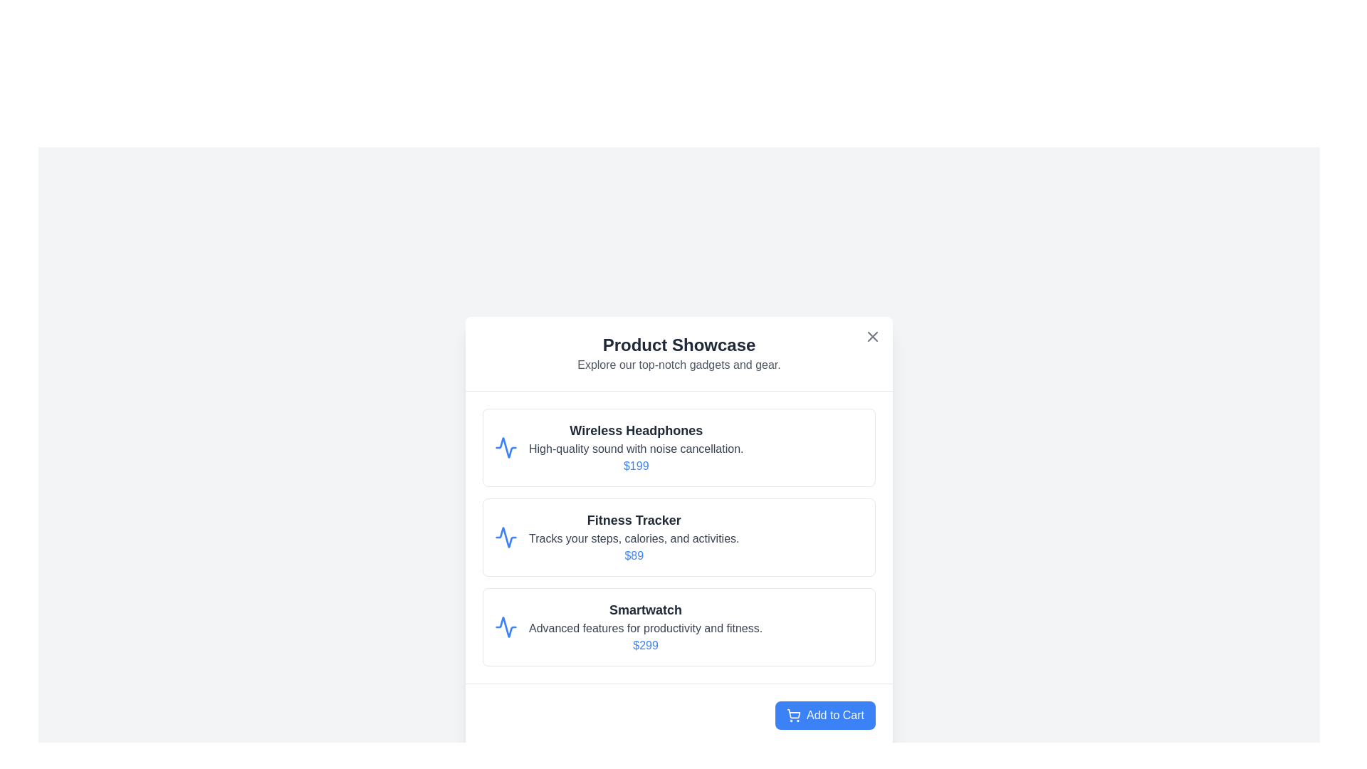  What do you see at coordinates (506, 626) in the screenshot?
I see `the visual representation of the 'Smartwatch' icon, which is the third icon in a vertical list within the product showcase dialog` at bounding box center [506, 626].